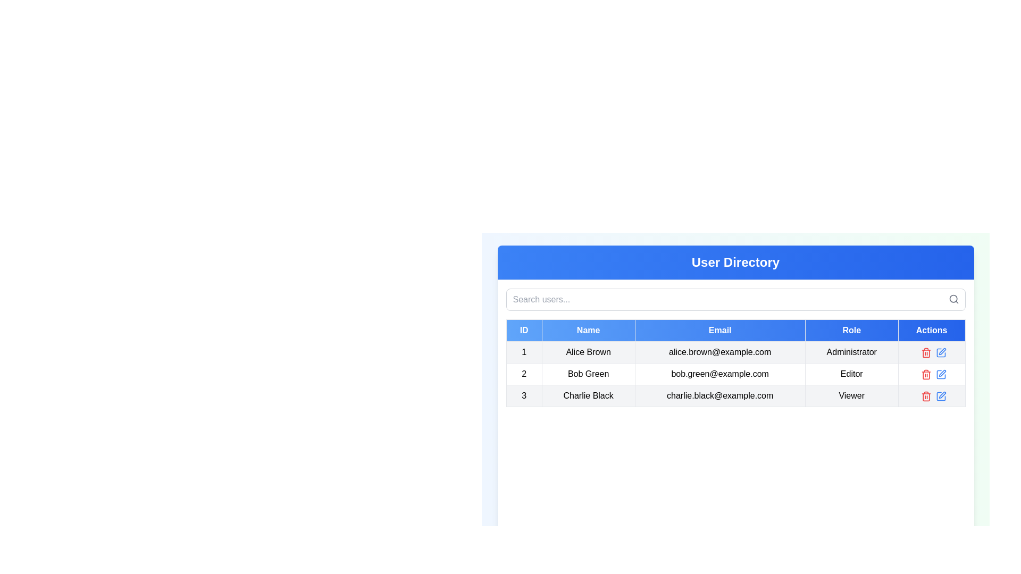  What do you see at coordinates (926, 352) in the screenshot?
I see `the delete button located in the 'Actions' column of the user entry for 'bob.green@example.com' to prepare for interaction` at bounding box center [926, 352].